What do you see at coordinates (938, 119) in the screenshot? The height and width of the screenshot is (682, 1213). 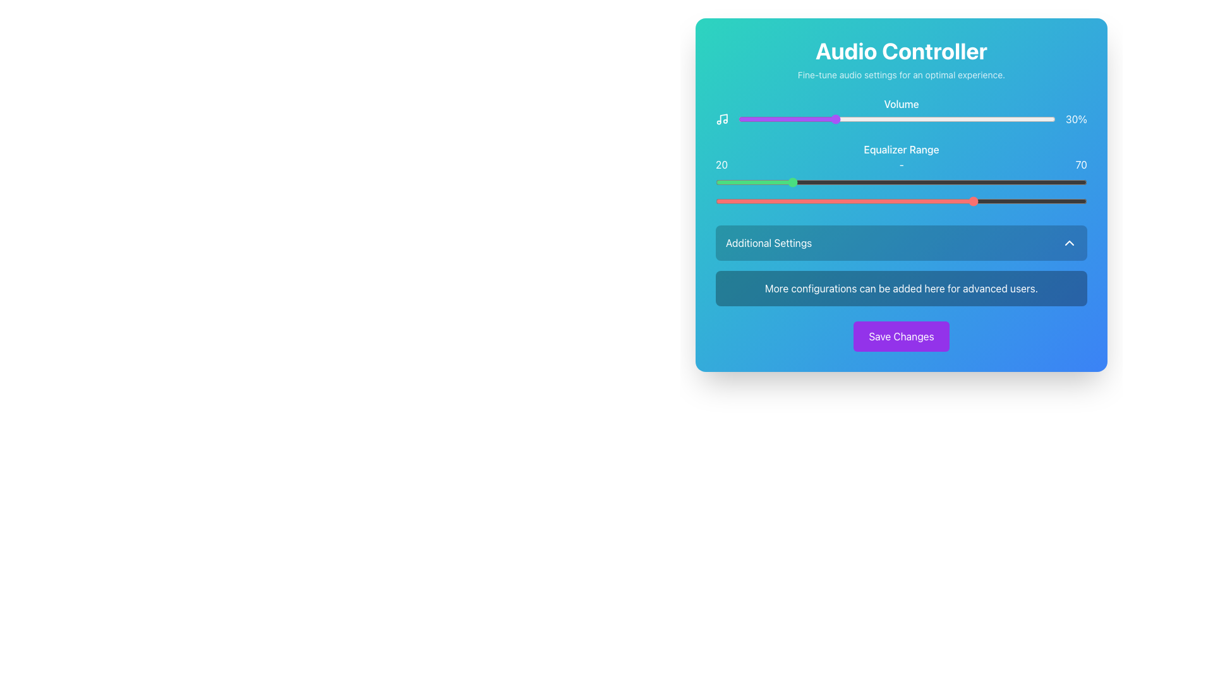 I see `the slider` at bounding box center [938, 119].